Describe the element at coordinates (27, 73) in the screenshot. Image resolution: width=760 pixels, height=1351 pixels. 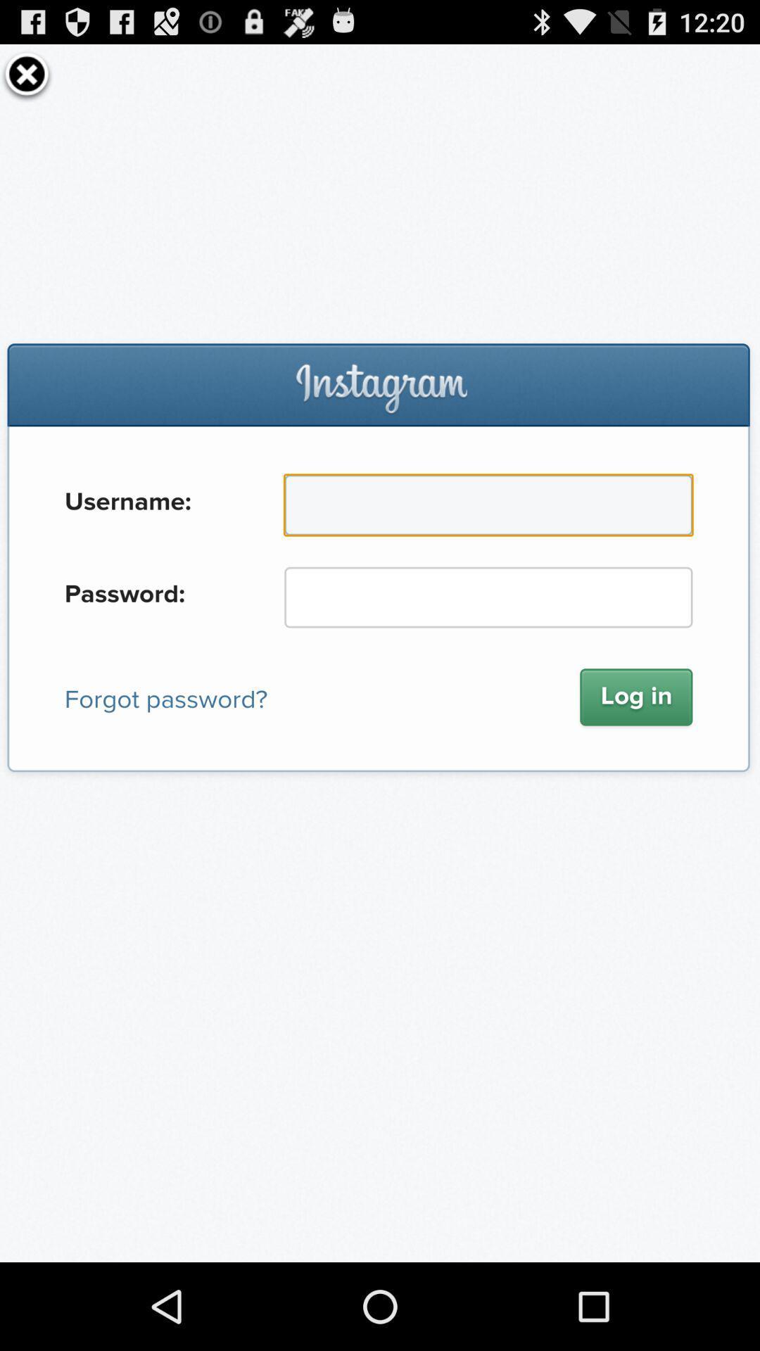
I see `this tab` at that location.